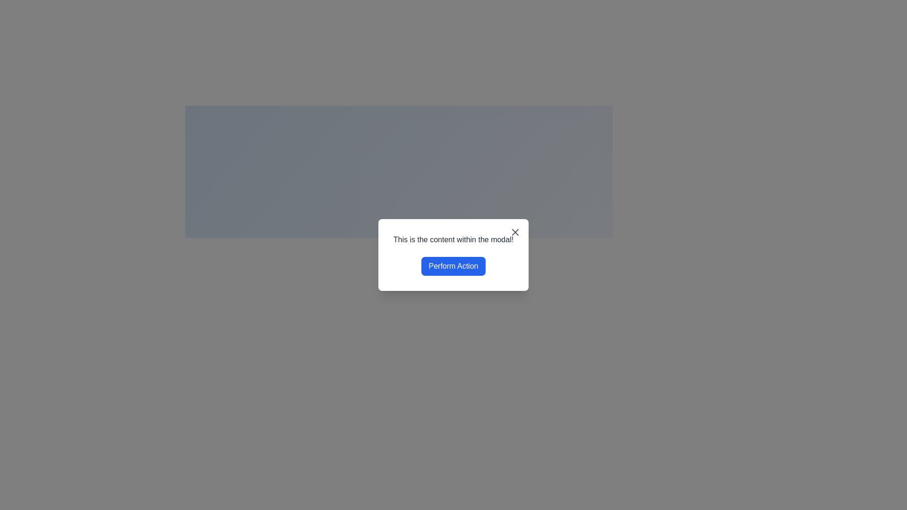 The height and width of the screenshot is (510, 907). I want to click on the close button located in the top-right corner of the modal's header area, so click(515, 232).